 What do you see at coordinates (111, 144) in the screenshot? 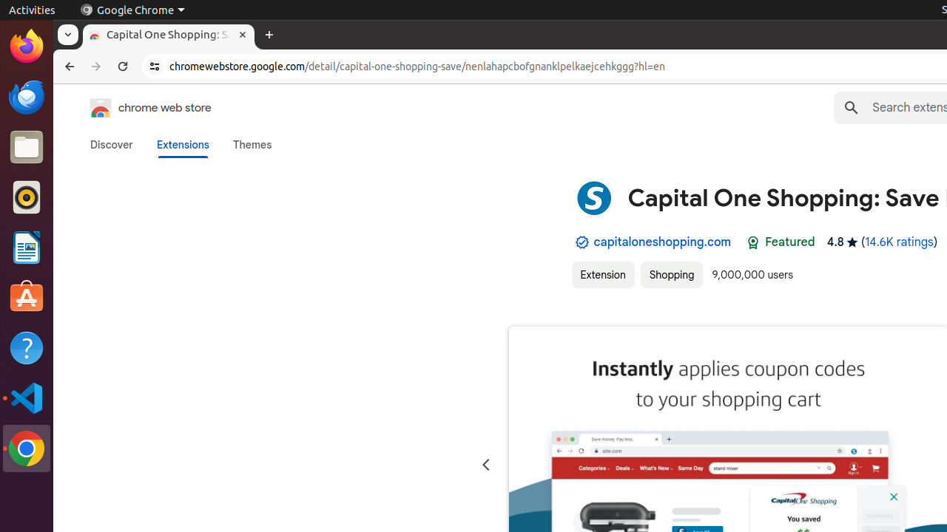
I see `'Discover'` at bounding box center [111, 144].